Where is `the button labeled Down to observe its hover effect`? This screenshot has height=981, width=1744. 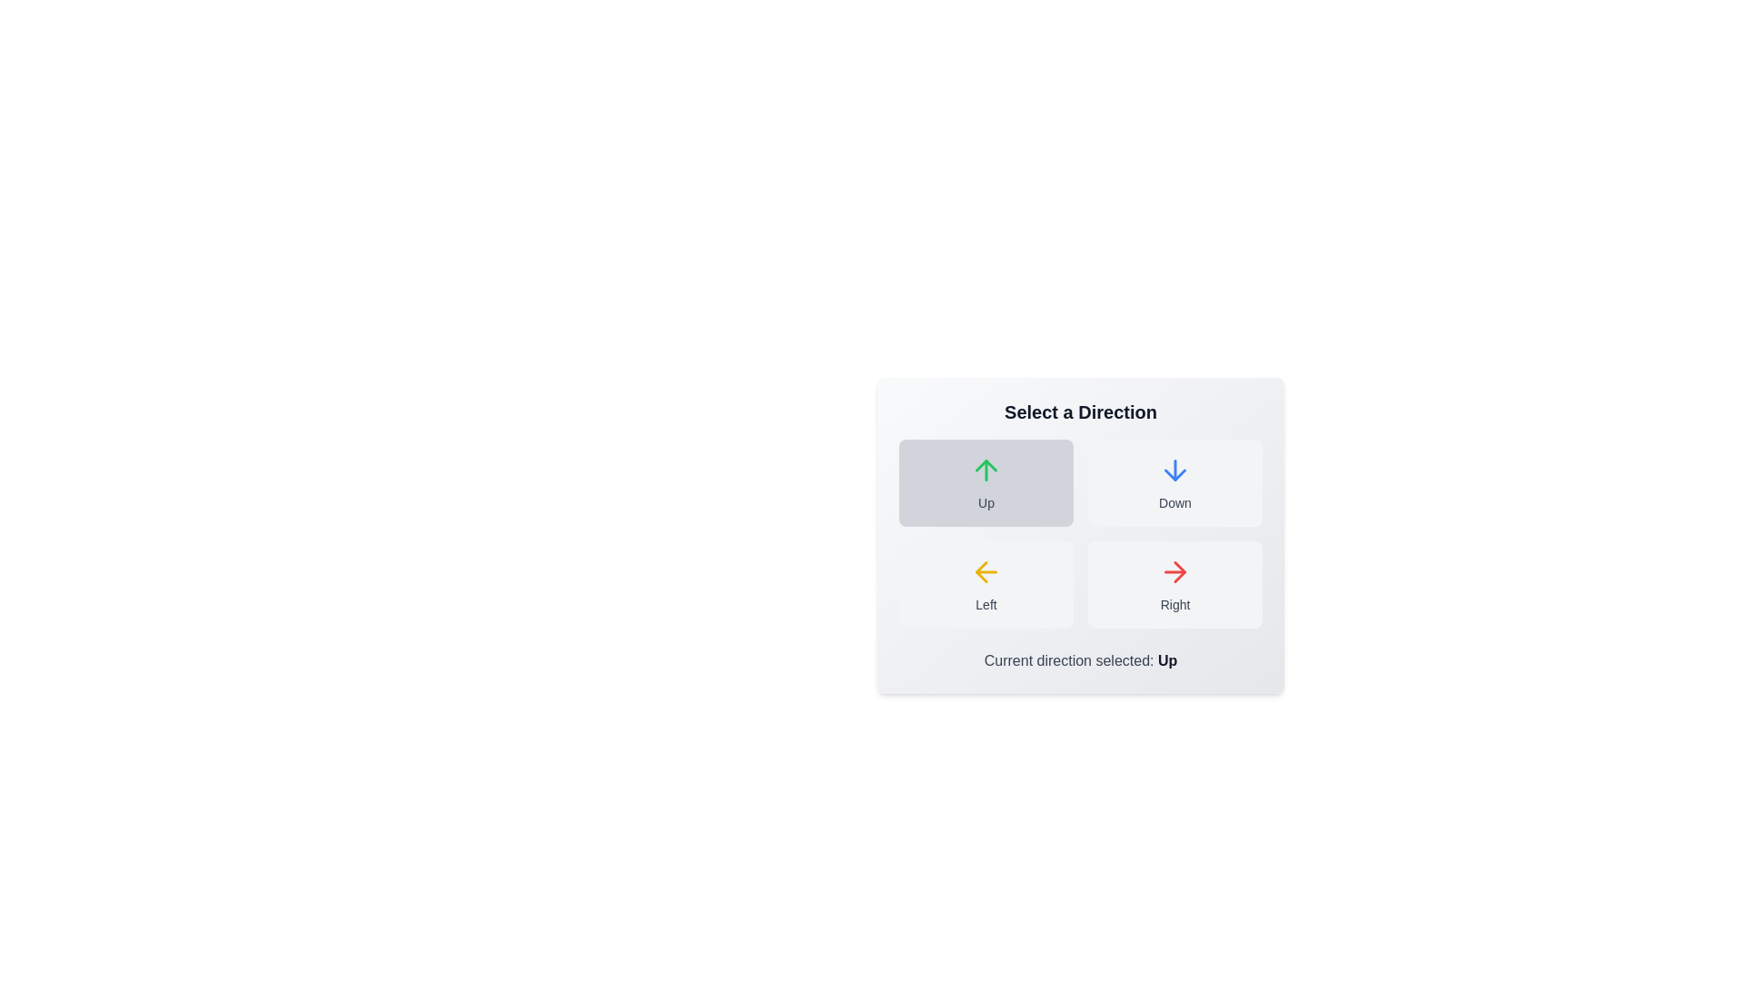
the button labeled Down to observe its hover effect is located at coordinates (1175, 482).